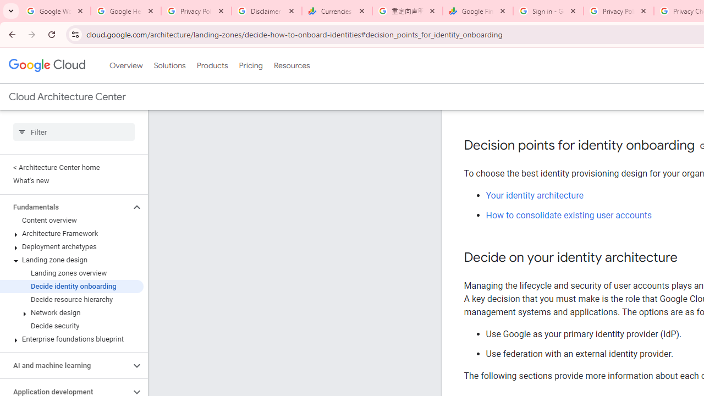 Image resolution: width=704 pixels, height=396 pixels. What do you see at coordinates (55, 11) in the screenshot?
I see `'Google Workspace Admin Community'` at bounding box center [55, 11].